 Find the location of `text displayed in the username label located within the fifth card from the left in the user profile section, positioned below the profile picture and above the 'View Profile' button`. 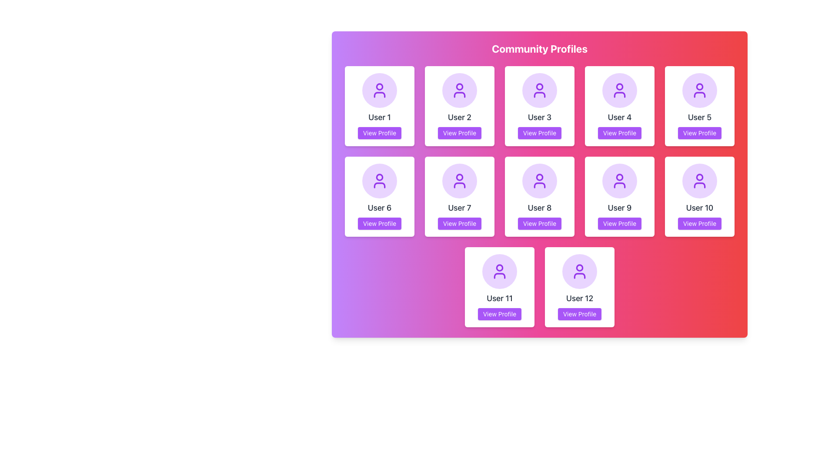

text displayed in the username label located within the fifth card from the left in the user profile section, positioned below the profile picture and above the 'View Profile' button is located at coordinates (499, 298).